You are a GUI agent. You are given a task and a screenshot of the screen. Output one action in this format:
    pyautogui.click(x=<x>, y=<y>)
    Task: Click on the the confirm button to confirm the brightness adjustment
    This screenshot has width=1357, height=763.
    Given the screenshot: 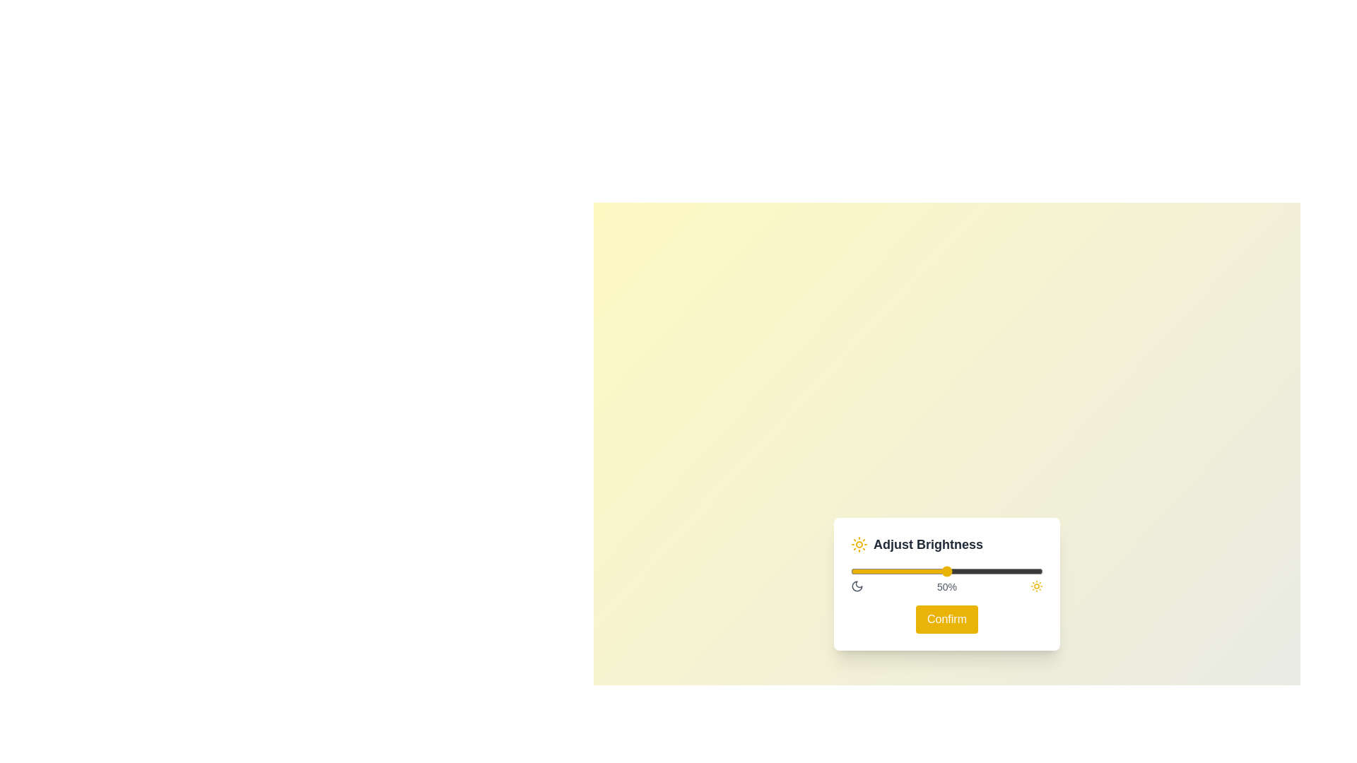 What is the action you would take?
    pyautogui.click(x=946, y=618)
    